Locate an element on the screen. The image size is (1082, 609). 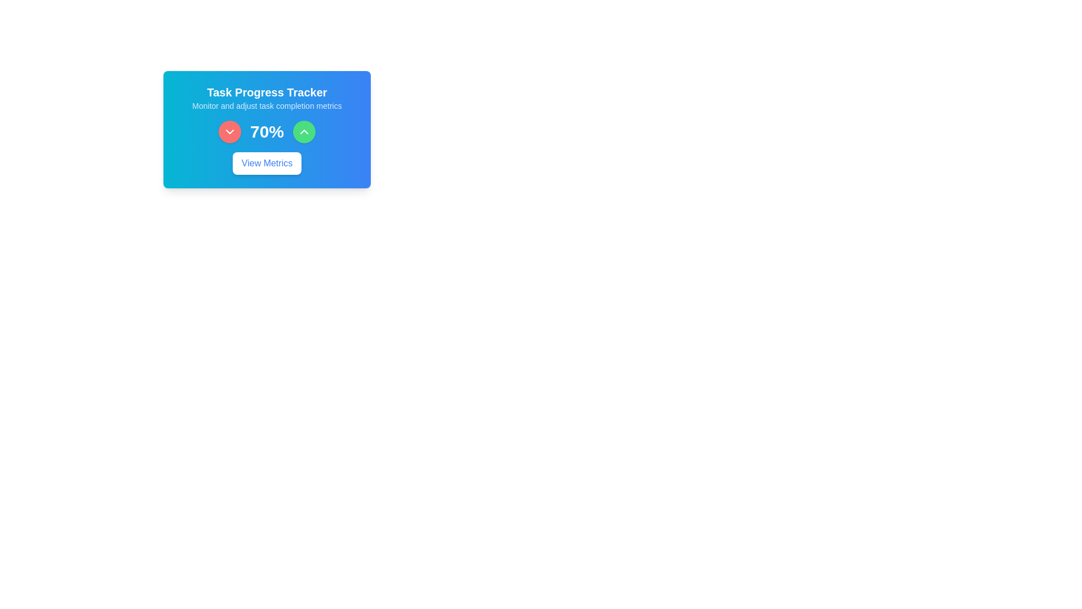
the circular red button with a white downward-facing arrow icon to observe the visual change in its color is located at coordinates (229, 131).